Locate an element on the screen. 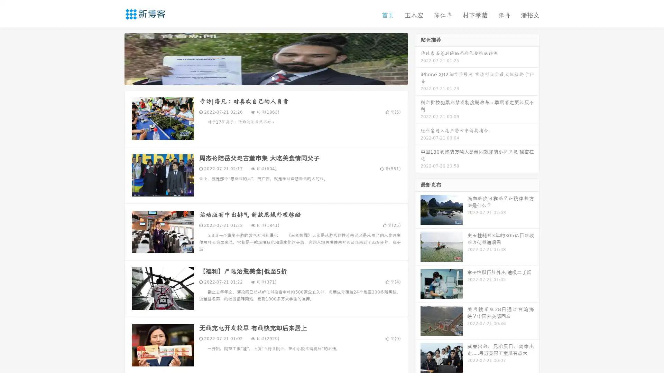 The width and height of the screenshot is (664, 373). Next slide is located at coordinates (418, 58).